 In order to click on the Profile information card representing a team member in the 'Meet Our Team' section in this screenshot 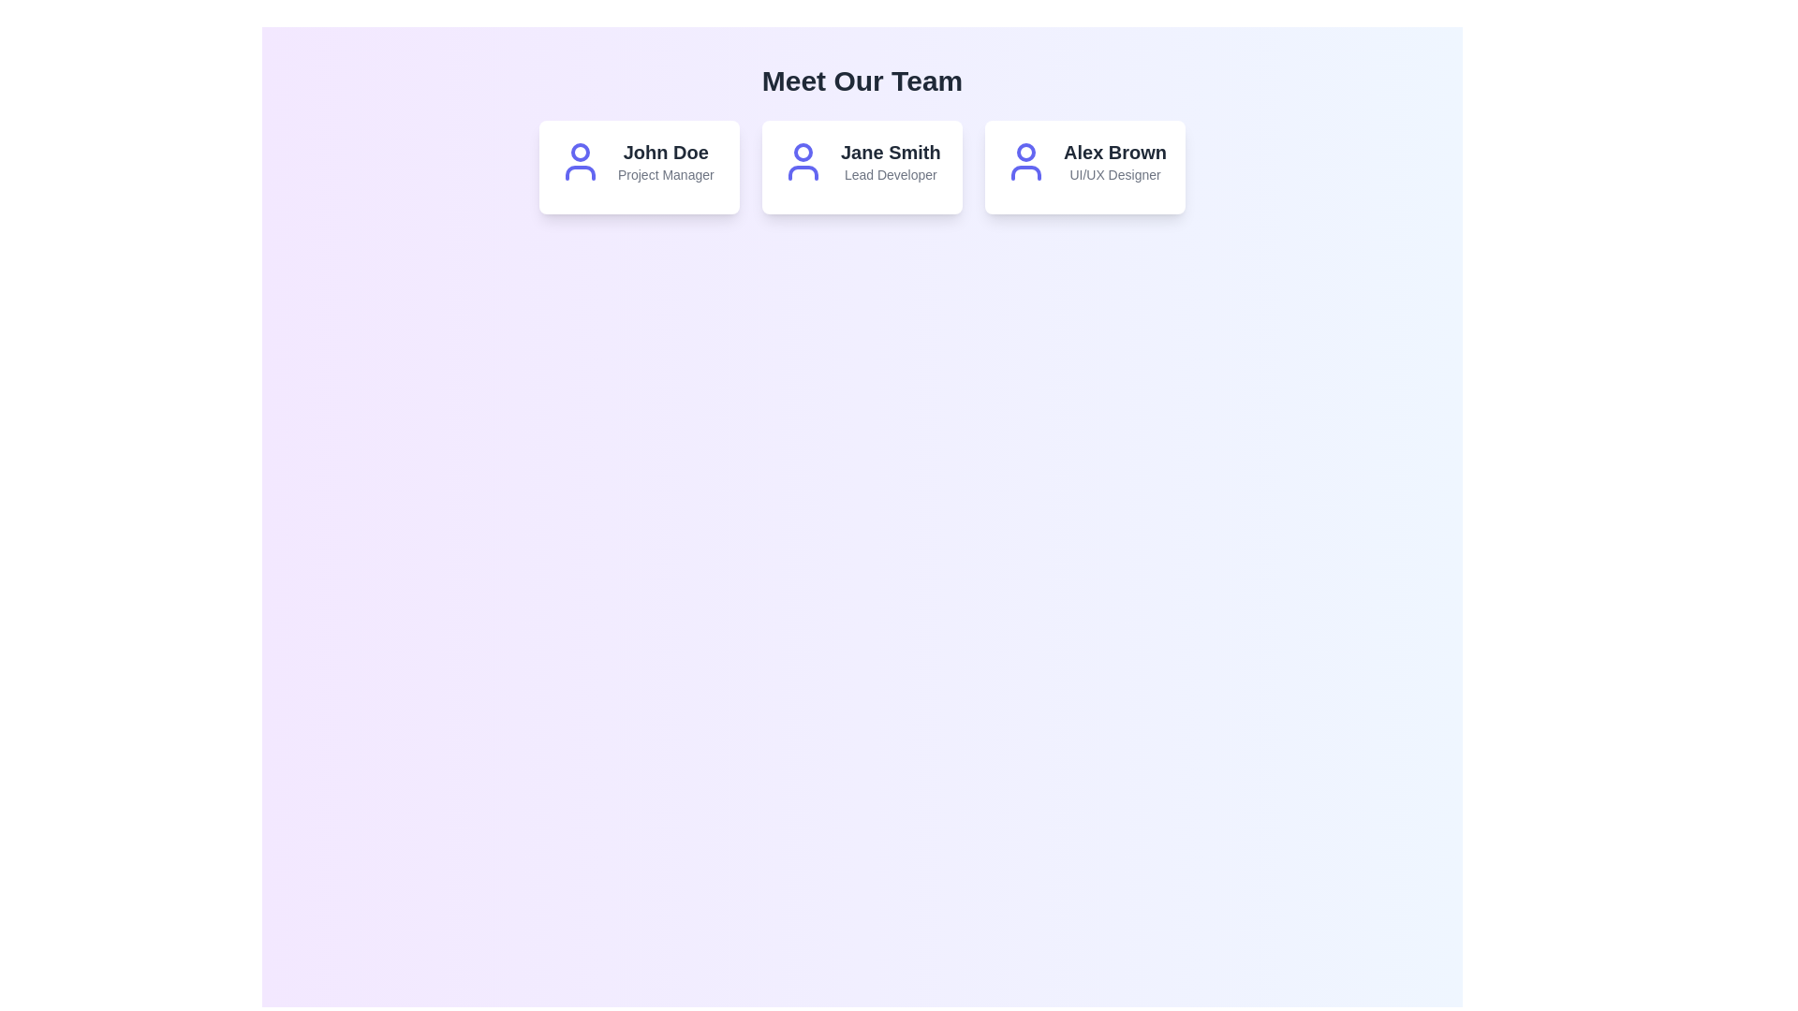, I will do `click(639, 166)`.